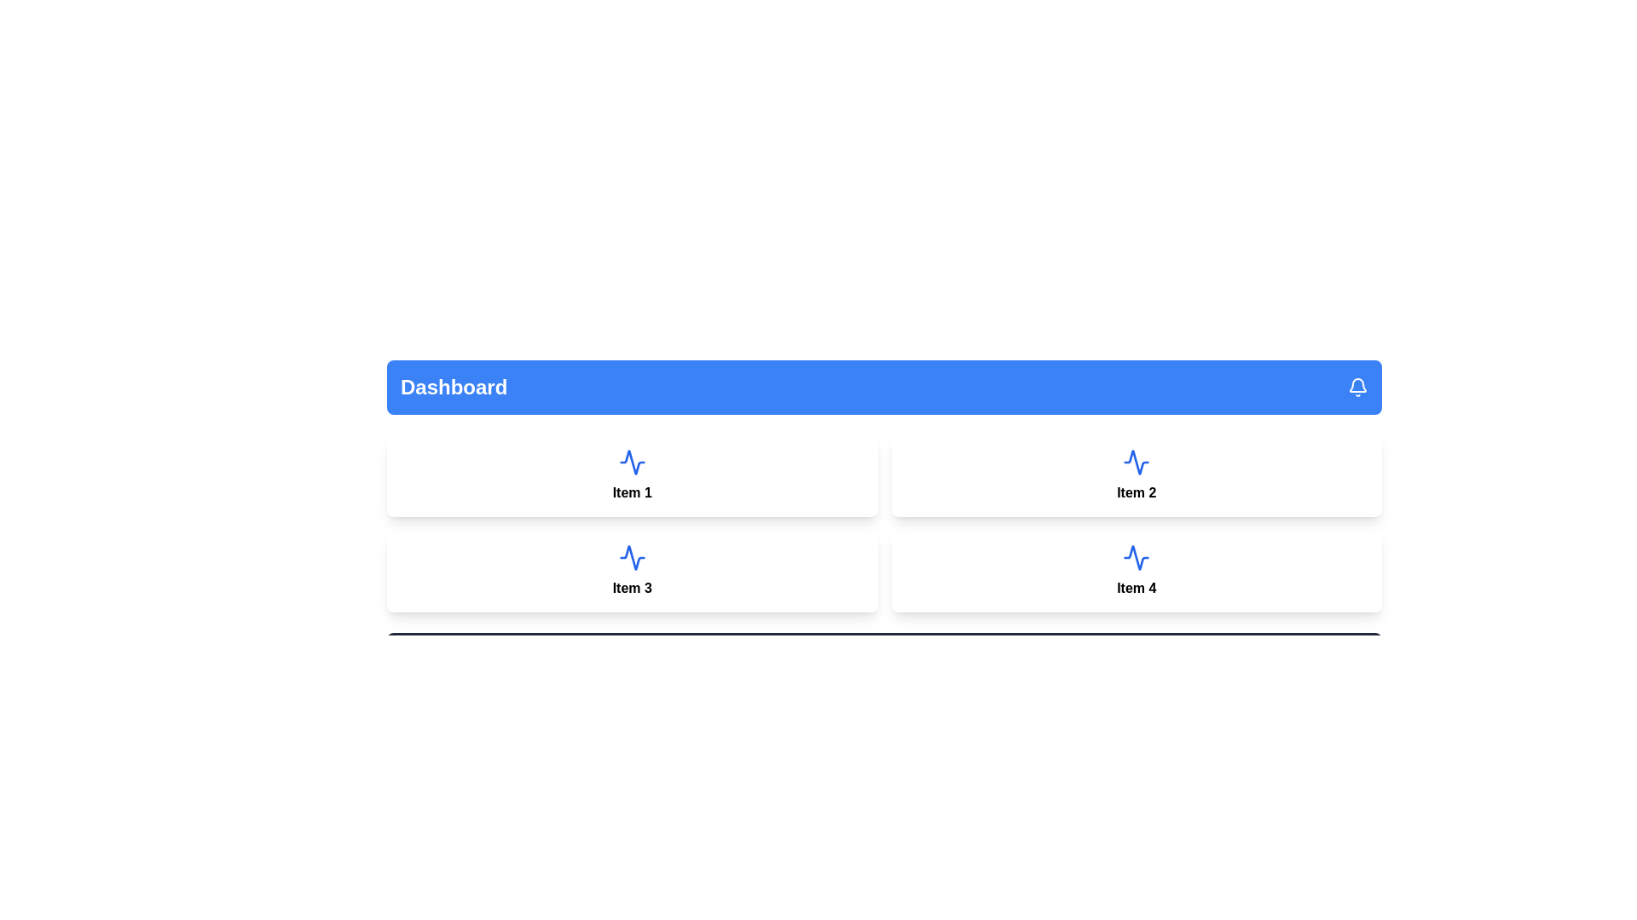 Image resolution: width=1637 pixels, height=920 pixels. What do you see at coordinates (631, 492) in the screenshot?
I see `the text label displaying 'Item 1', which is centered within a card-like structure in the bottom portion of the card` at bounding box center [631, 492].